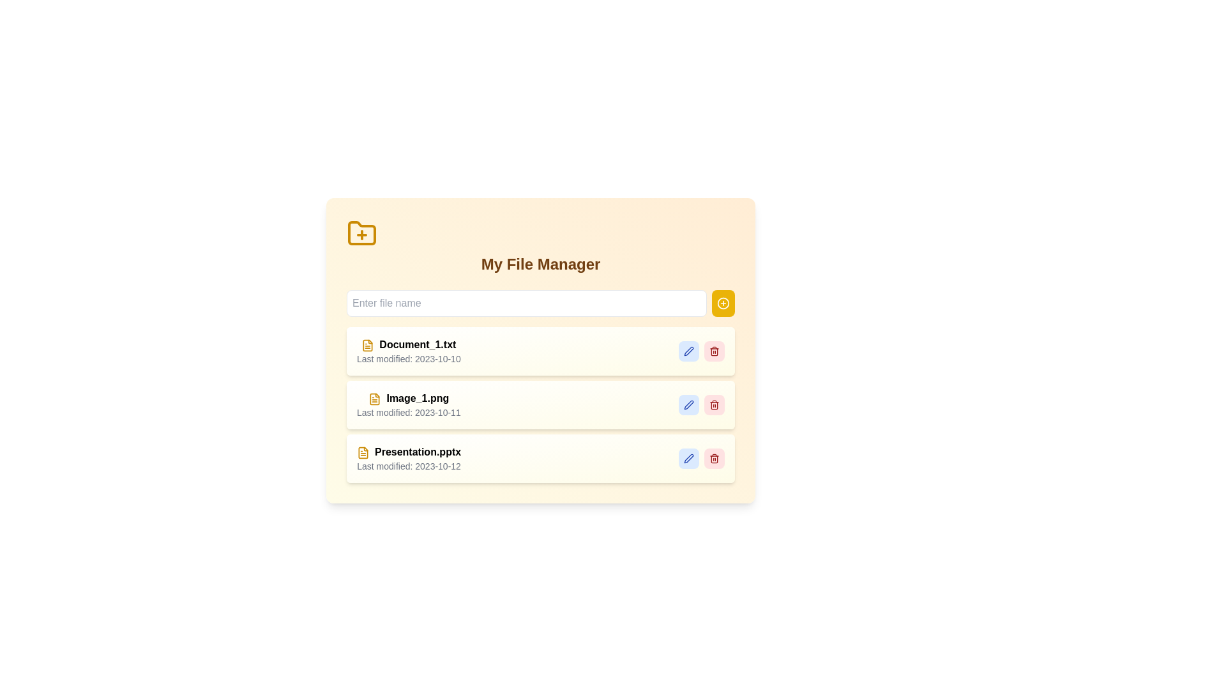  I want to click on the red trash bin icon button located to the far right of the row representing 'Presentation.pptx' to observe the visual feedback, so click(713, 457).